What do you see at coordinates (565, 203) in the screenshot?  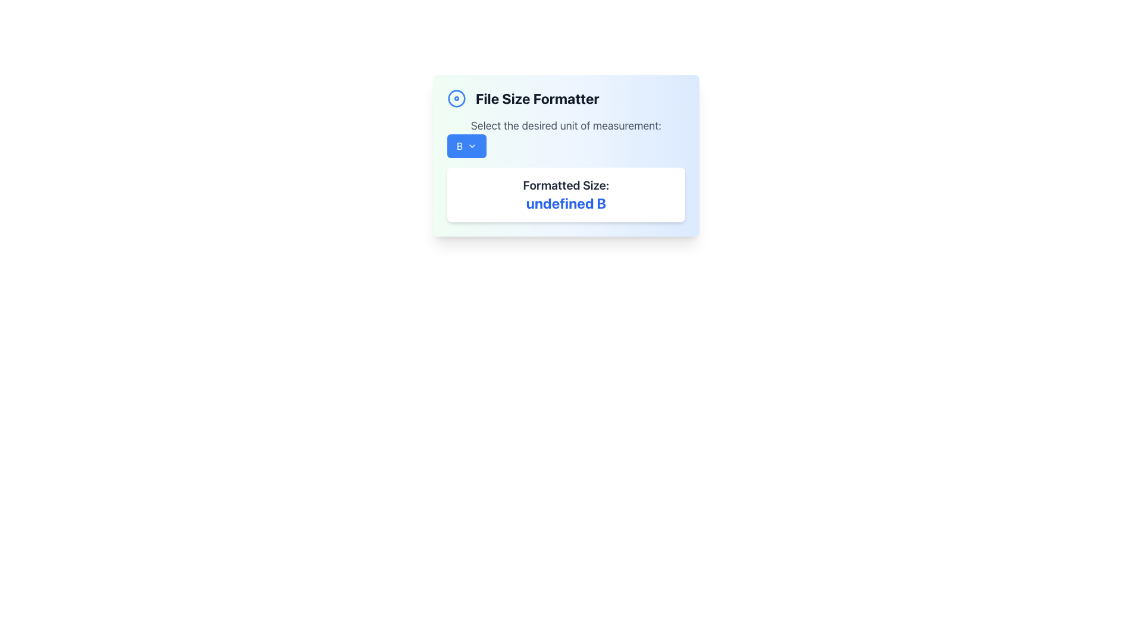 I see `text content displayed in the formatted size value text display, which is located within a white box with rounded corners below the label 'Formatted Size:'` at bounding box center [565, 203].